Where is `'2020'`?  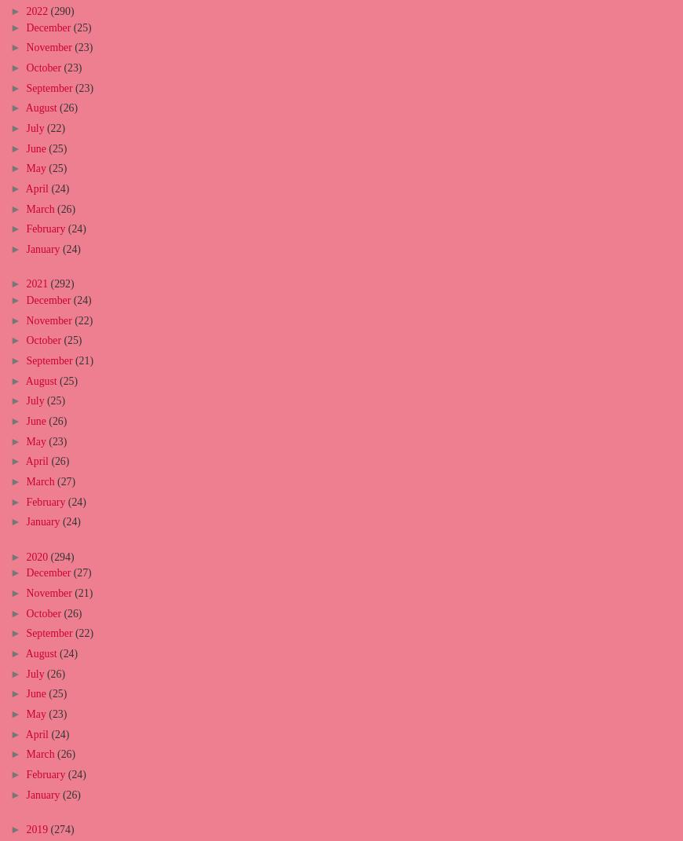
'2020' is located at coordinates (37, 556).